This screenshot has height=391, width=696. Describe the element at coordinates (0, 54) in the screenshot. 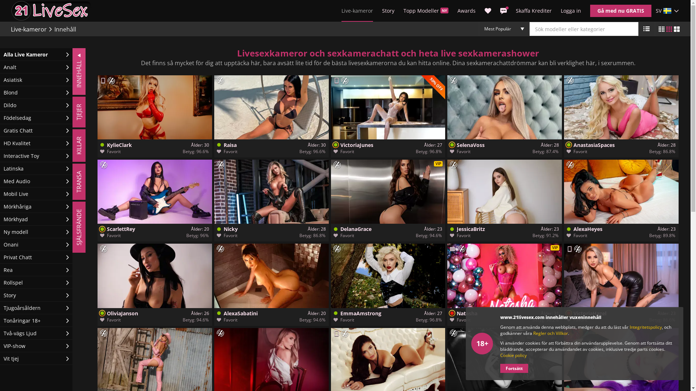

I see `'Alla Live Kameror'` at that location.